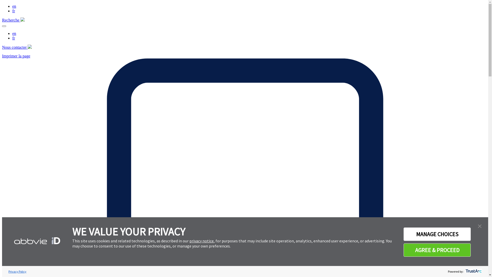 This screenshot has width=492, height=277. I want to click on 'Nous contacter', so click(17, 47).